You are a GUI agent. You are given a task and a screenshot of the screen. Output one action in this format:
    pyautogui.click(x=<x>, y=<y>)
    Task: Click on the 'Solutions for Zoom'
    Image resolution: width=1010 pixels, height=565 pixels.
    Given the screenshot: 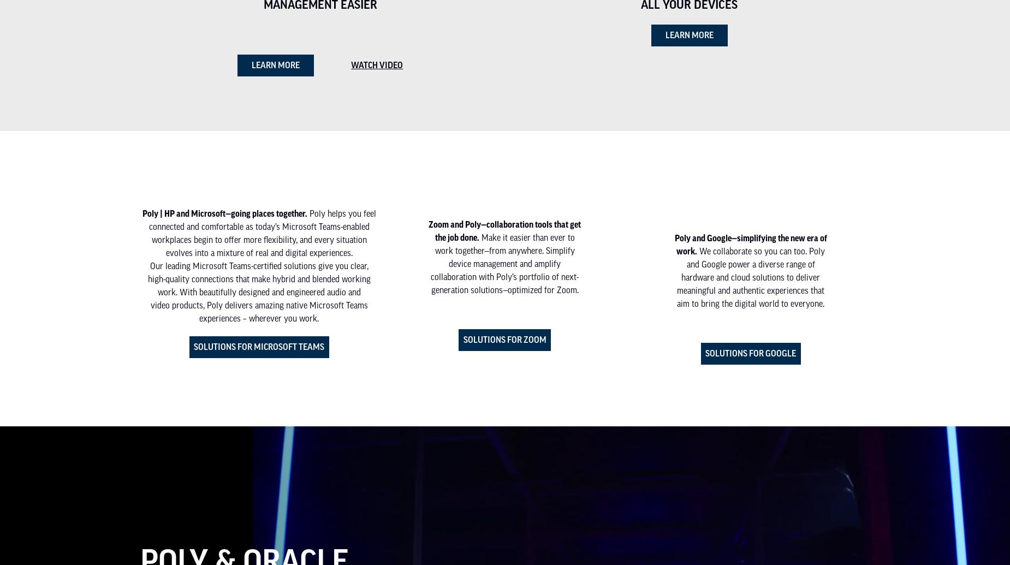 What is the action you would take?
    pyautogui.click(x=504, y=339)
    